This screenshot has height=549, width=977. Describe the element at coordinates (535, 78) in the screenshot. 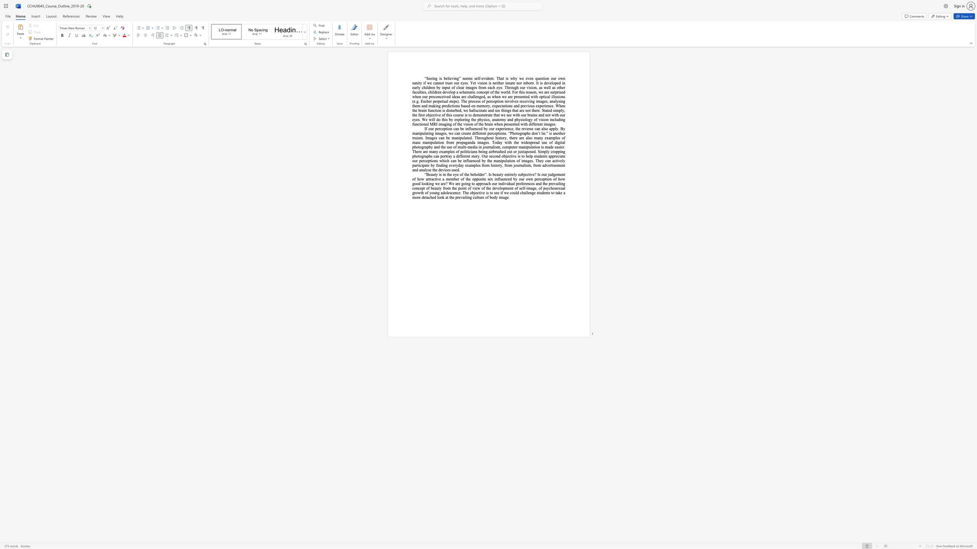

I see `the subset text "question our own sanity if we cannot trust our eyes. Yet vision is neither innate nor inborn. It is developed in early children by input of clear images from each eye. Through our vision, as well as other f" within the text "Seeing is believing” seems self-evident. That is why we even question our own sanity if we cannot trust our eyes. Yet vision is neither innate nor inborn. It is developed in early children by input of clear images from each eye. Through our vision, as well as other faculties, children develop a schematic concept of the world. For this reason, we are surprised when our preconceived ideas are challenged, as when we are presented with optical illusions (e.g. Escher perpetual steps). The process of perception involves receiving images, analysing them and making predictions based on memory, expectations and previous experience. When the brain function is disturbed, we hallucinate and see things that are not there. Stated simply, the first objective of this course is to demonstrate that we see with our brains and not with our eyes. We will do this by exploring the physics, anatomy and physiology of vision including functional MRI imaging of the vision of the brain when presented with different images."` at that location.